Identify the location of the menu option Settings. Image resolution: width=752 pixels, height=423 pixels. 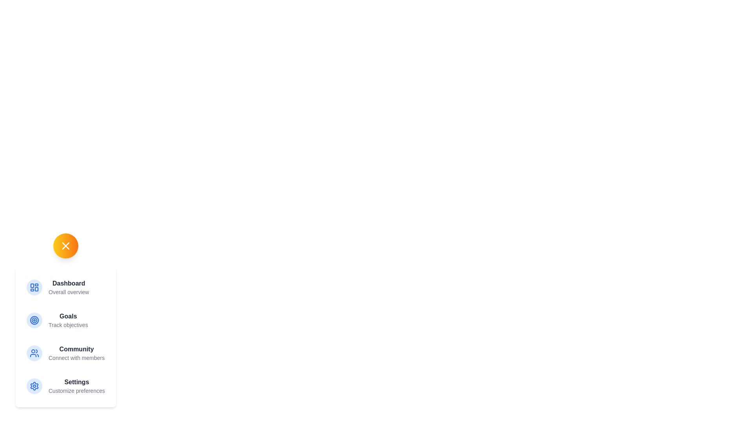
(65, 386).